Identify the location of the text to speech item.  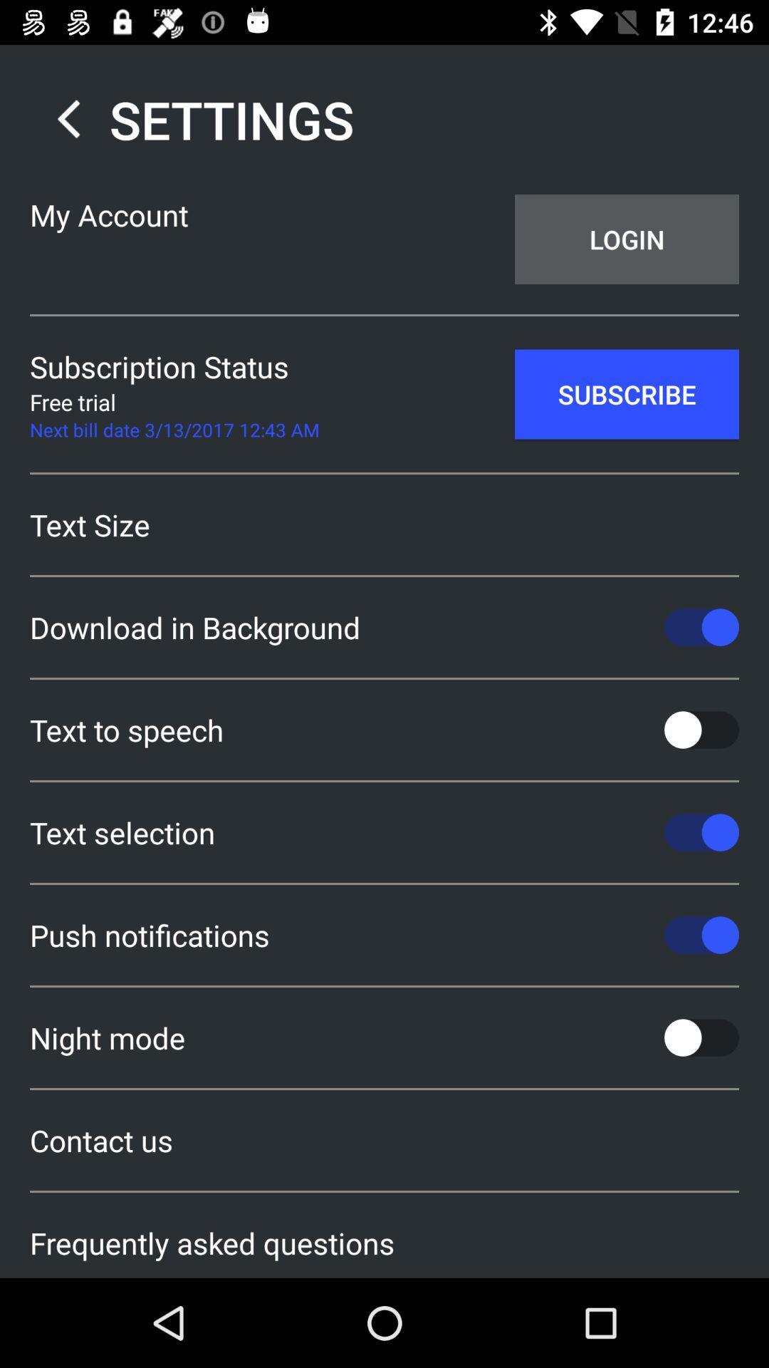
(384, 730).